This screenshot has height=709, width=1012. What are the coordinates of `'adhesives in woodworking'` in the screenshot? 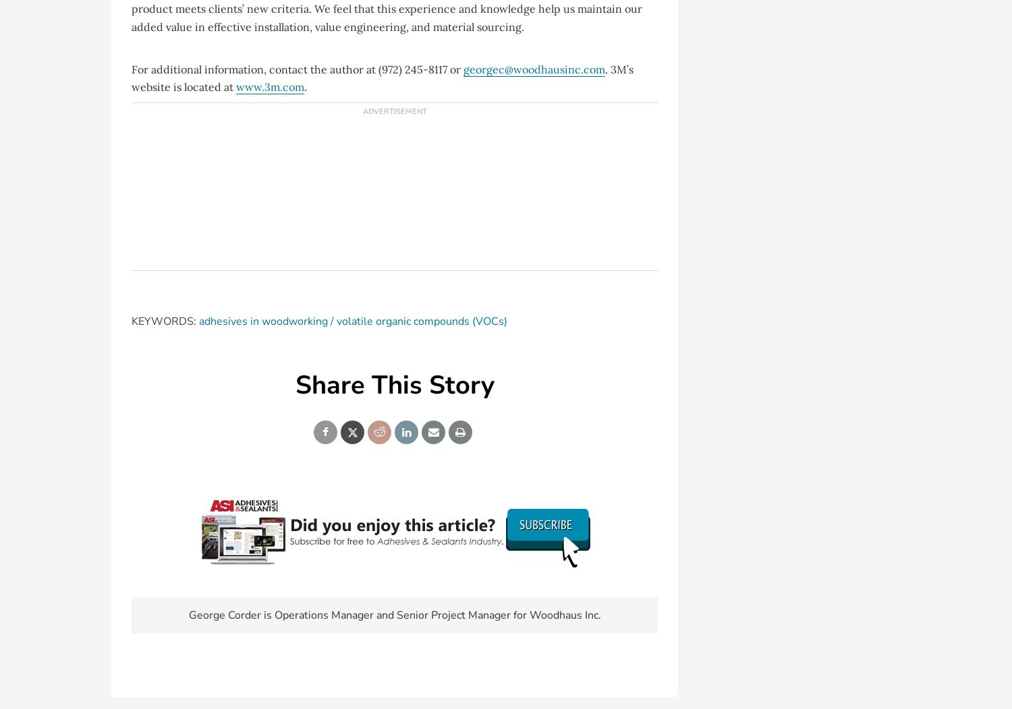 It's located at (263, 321).